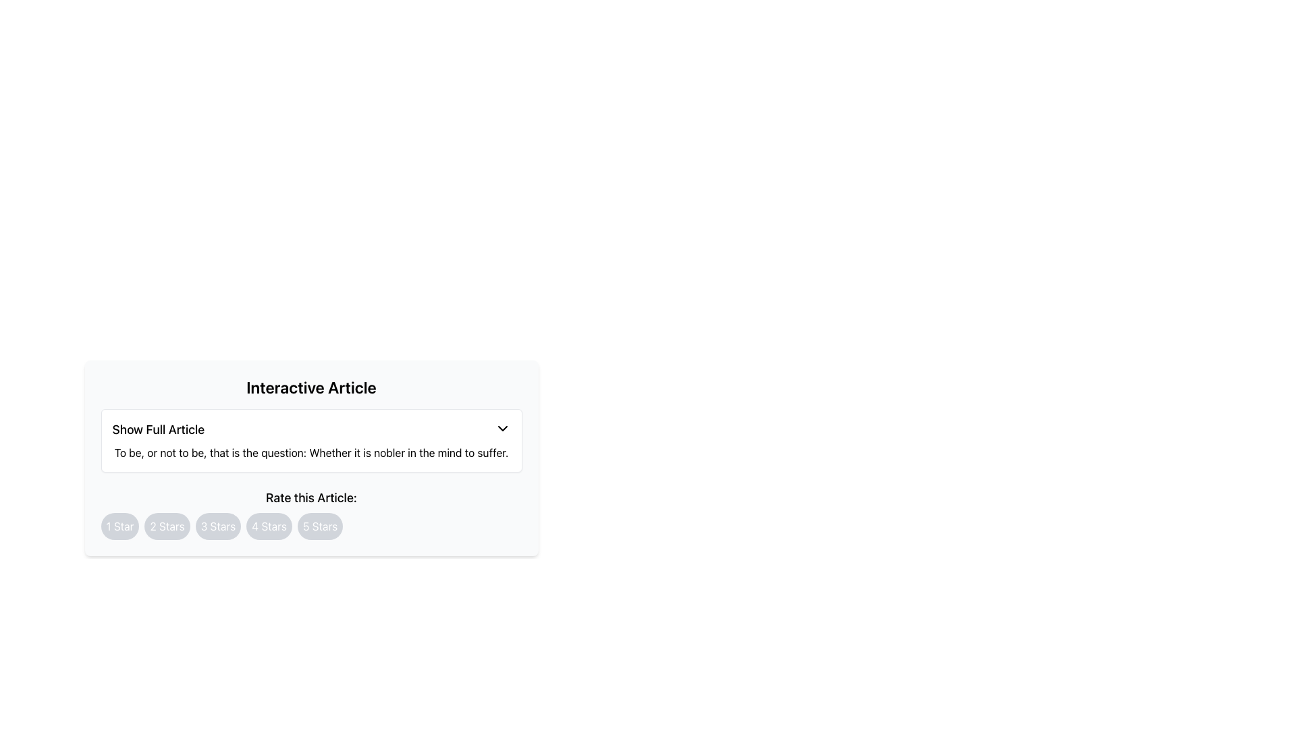 Image resolution: width=1296 pixels, height=729 pixels. What do you see at coordinates (269, 525) in the screenshot?
I see `the fourth button from the left in a horizontal series of five` at bounding box center [269, 525].